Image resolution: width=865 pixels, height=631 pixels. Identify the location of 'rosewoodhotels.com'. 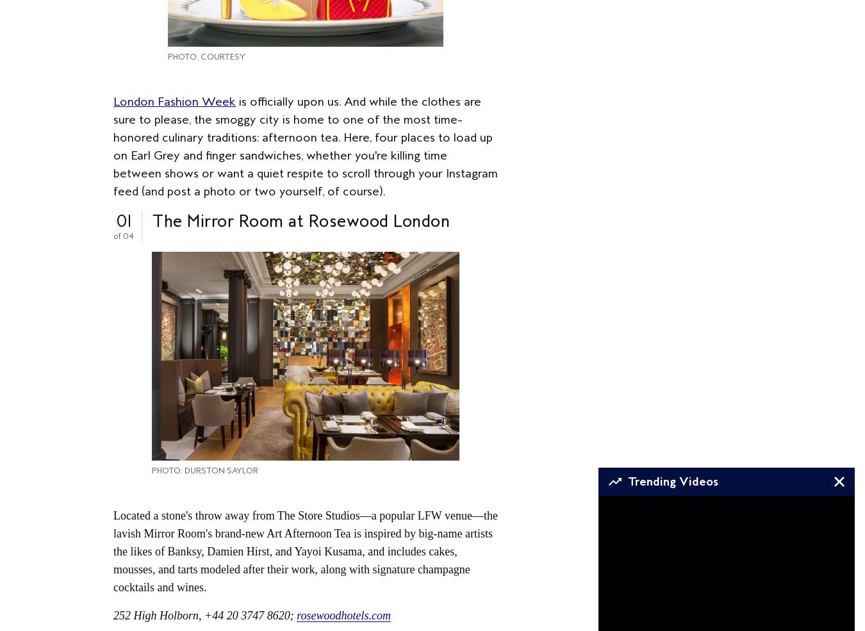
(342, 614).